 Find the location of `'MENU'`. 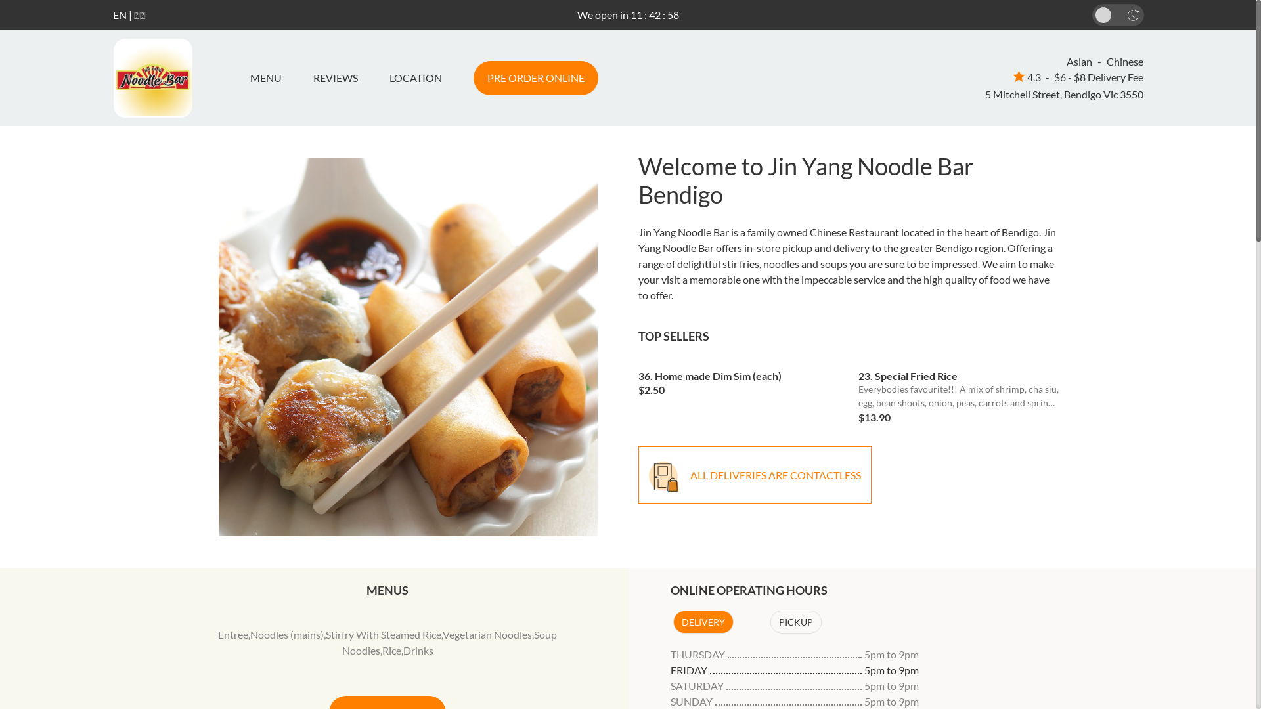

'MENU' is located at coordinates (270, 78).